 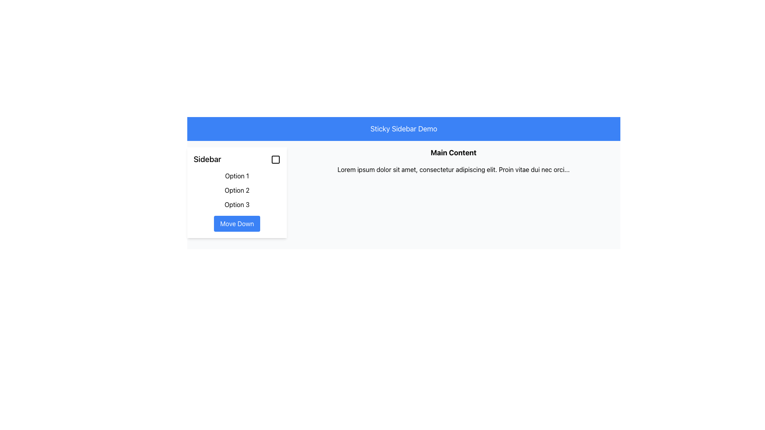 What do you see at coordinates (237, 176) in the screenshot?
I see `the hyperlink labeled 'Option 1' located in the sidebar, which changes color to blue on hover` at bounding box center [237, 176].